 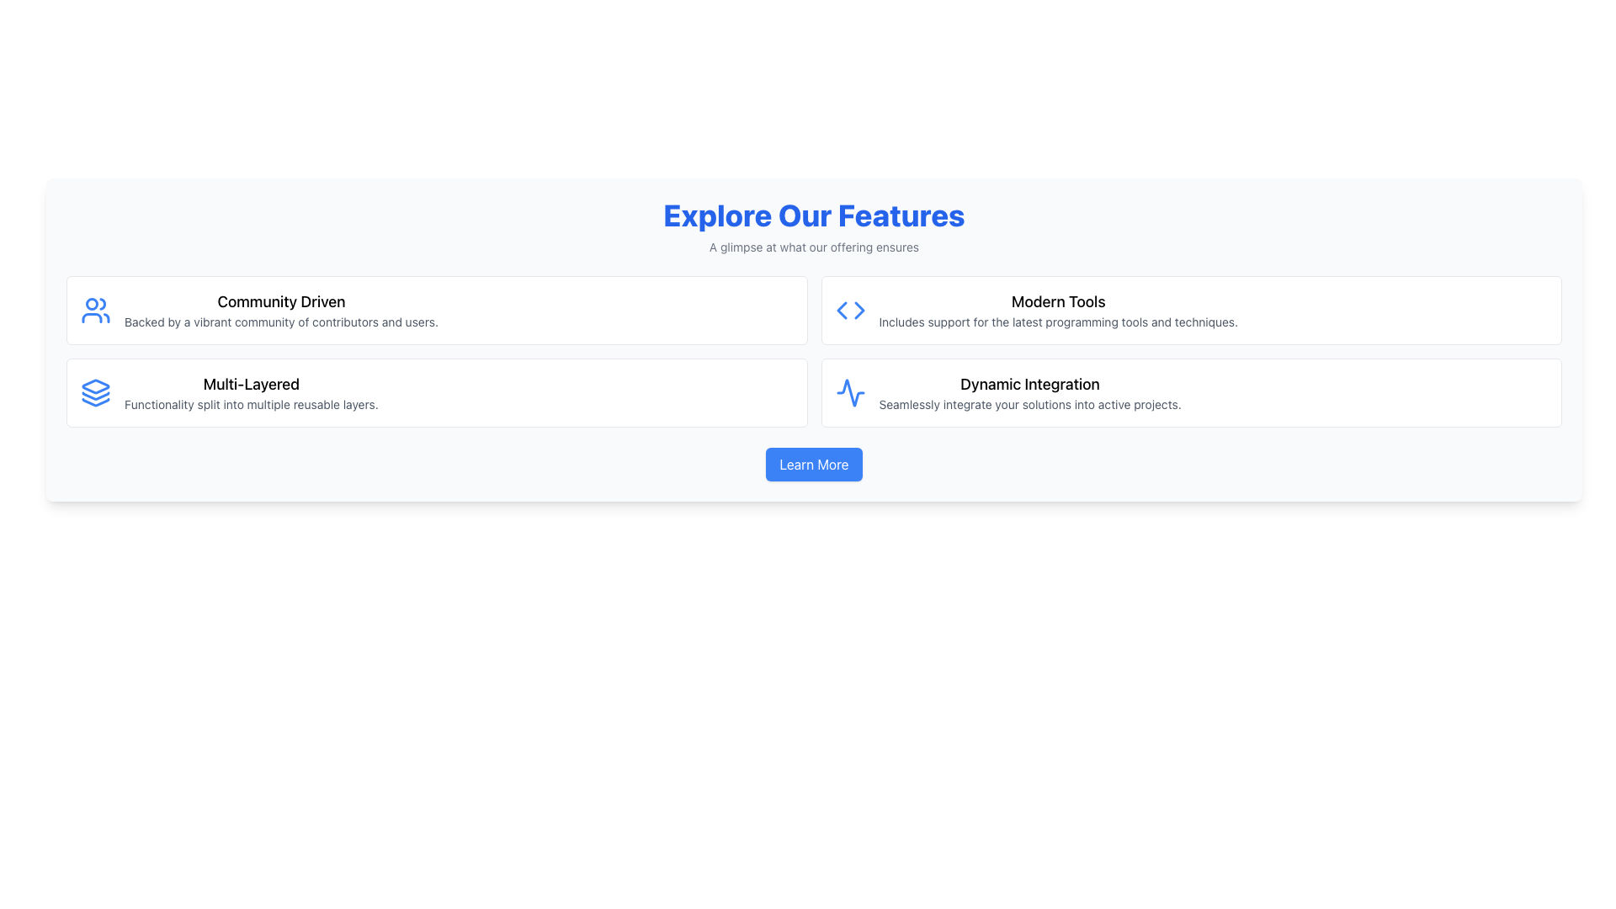 I want to click on text block located in the bottom-right quadrant of the 'Explore Our Features' grid, specifically the second item in the second row that highlights dynamic integration capabilities, so click(x=1029, y=392).